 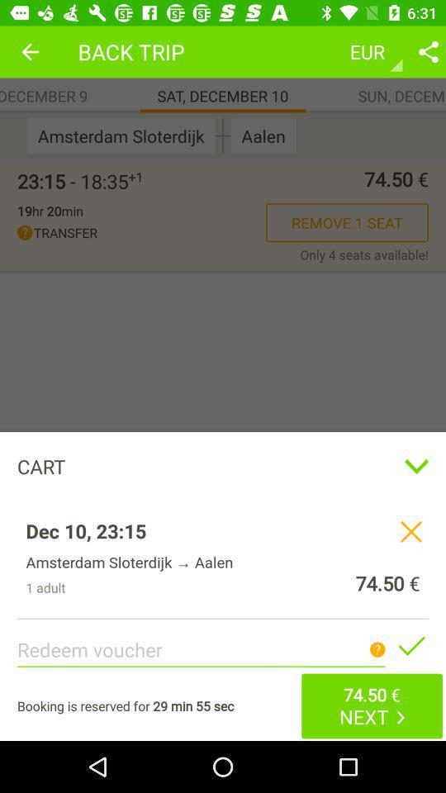 What do you see at coordinates (223, 374) in the screenshot?
I see `the item above booking is reserved icon` at bounding box center [223, 374].